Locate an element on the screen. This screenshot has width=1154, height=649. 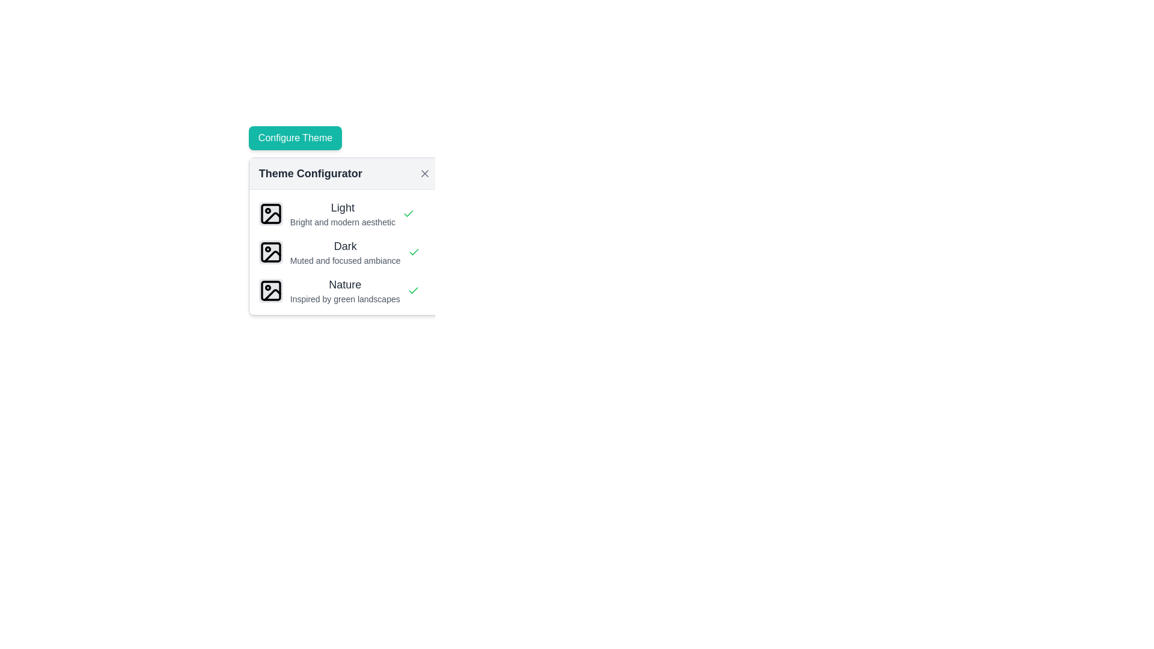
the 'Nature' theme icon in the Theme Configurator panel, which is the third item in the list and has a red border is located at coordinates (270, 290).